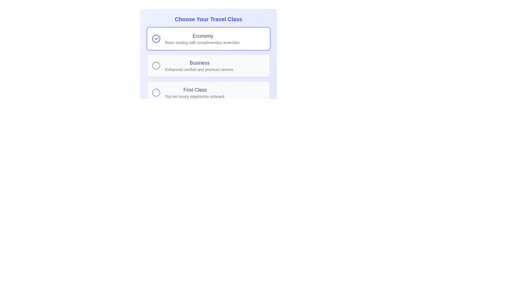 The height and width of the screenshot is (297, 529). Describe the element at coordinates (158, 92) in the screenshot. I see `the circular gray outlined icon located to the left of the 'First Class' text in the third selectable option of travel class options` at that location.